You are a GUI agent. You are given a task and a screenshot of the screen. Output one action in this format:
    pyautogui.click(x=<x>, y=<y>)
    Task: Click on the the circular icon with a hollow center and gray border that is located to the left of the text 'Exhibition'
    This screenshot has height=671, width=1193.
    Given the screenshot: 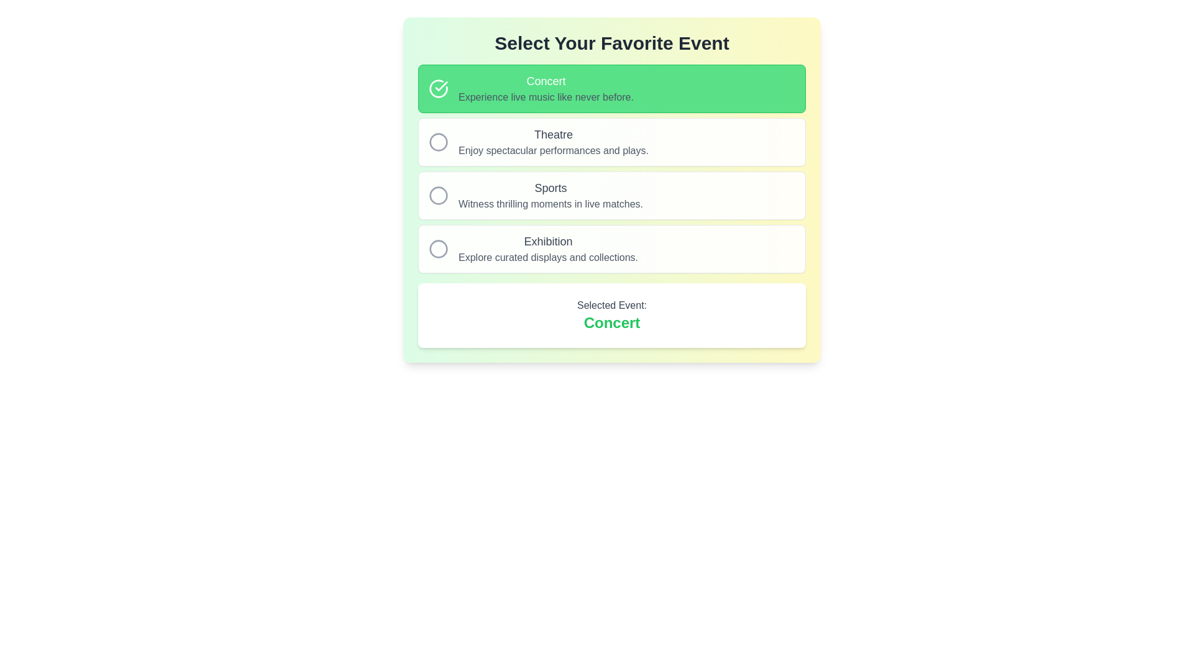 What is the action you would take?
    pyautogui.click(x=438, y=249)
    